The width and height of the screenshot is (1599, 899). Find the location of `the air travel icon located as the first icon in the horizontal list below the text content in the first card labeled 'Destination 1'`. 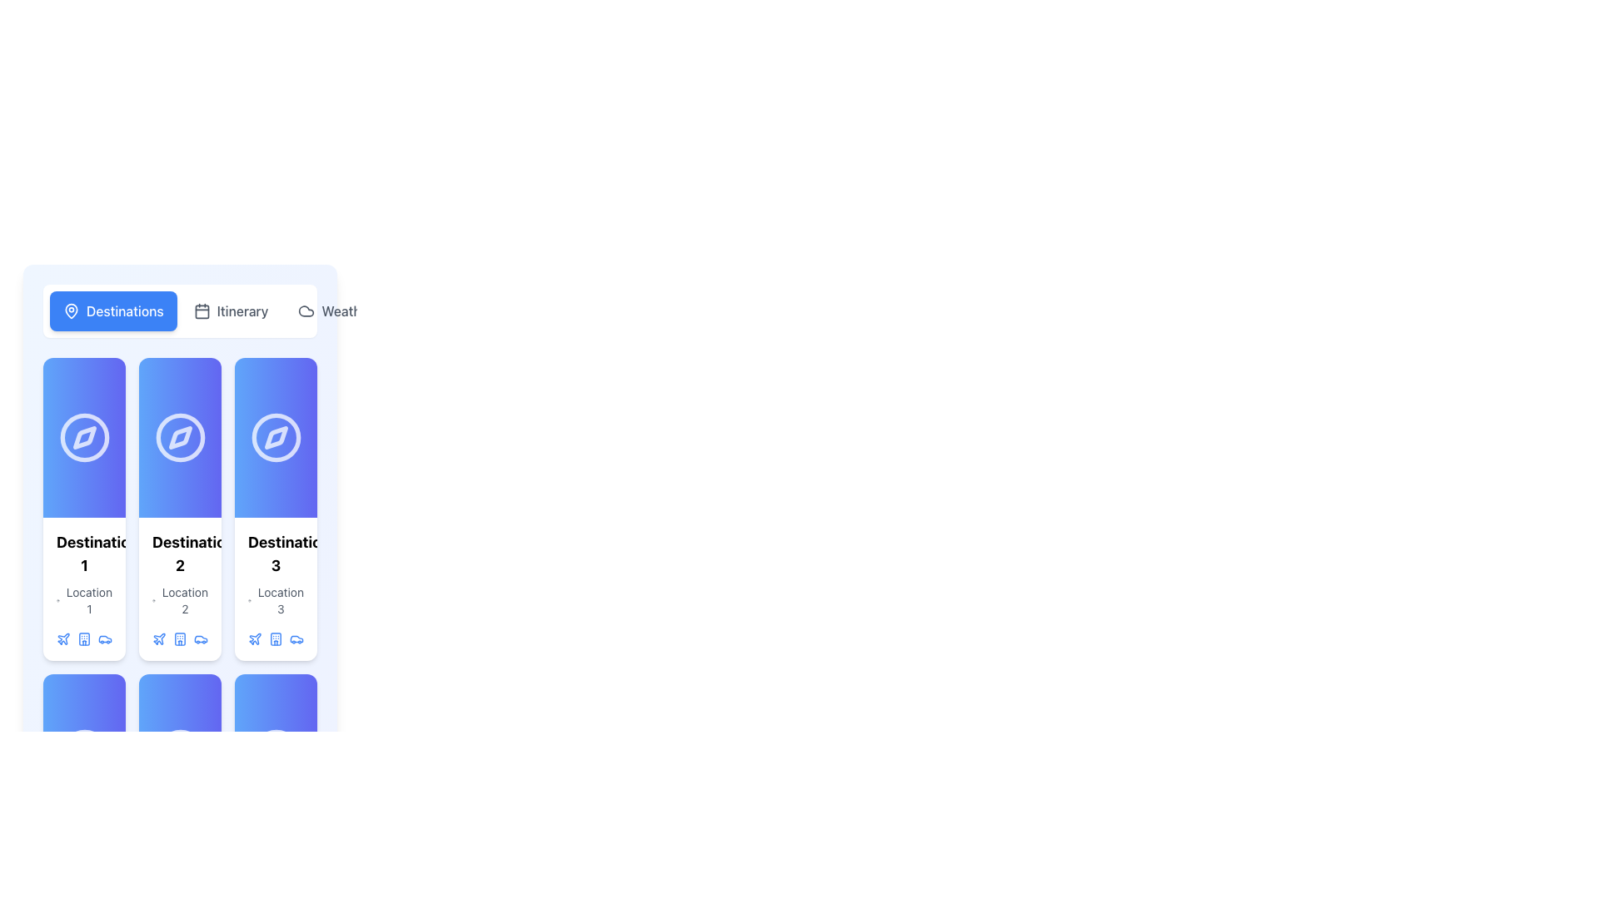

the air travel icon located as the first icon in the horizontal list below the text content in the first card labeled 'Destination 1' is located at coordinates (63, 638).